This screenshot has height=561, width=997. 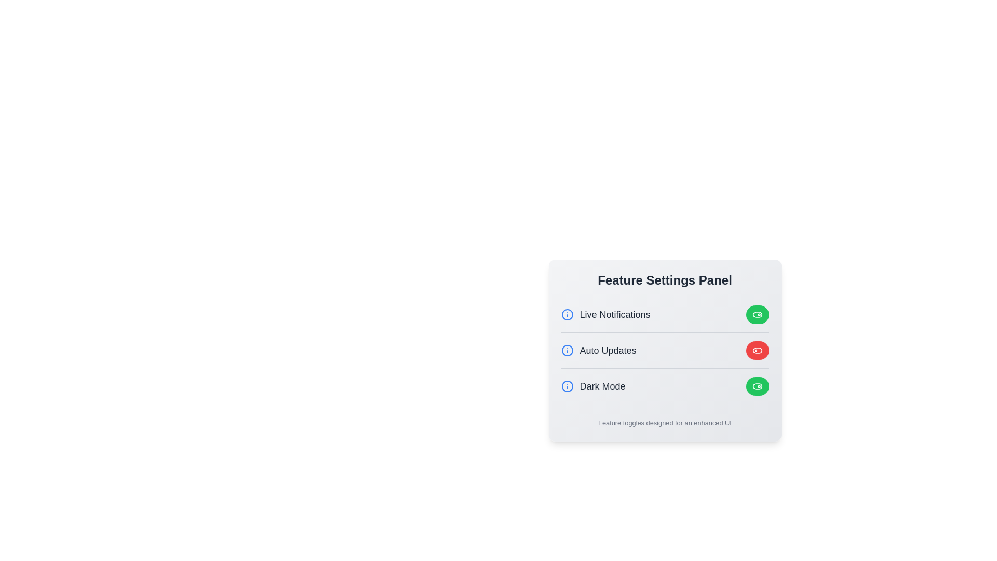 What do you see at coordinates (567, 351) in the screenshot?
I see `the 'Info' icon next to the feature Auto Updates to view its information` at bounding box center [567, 351].